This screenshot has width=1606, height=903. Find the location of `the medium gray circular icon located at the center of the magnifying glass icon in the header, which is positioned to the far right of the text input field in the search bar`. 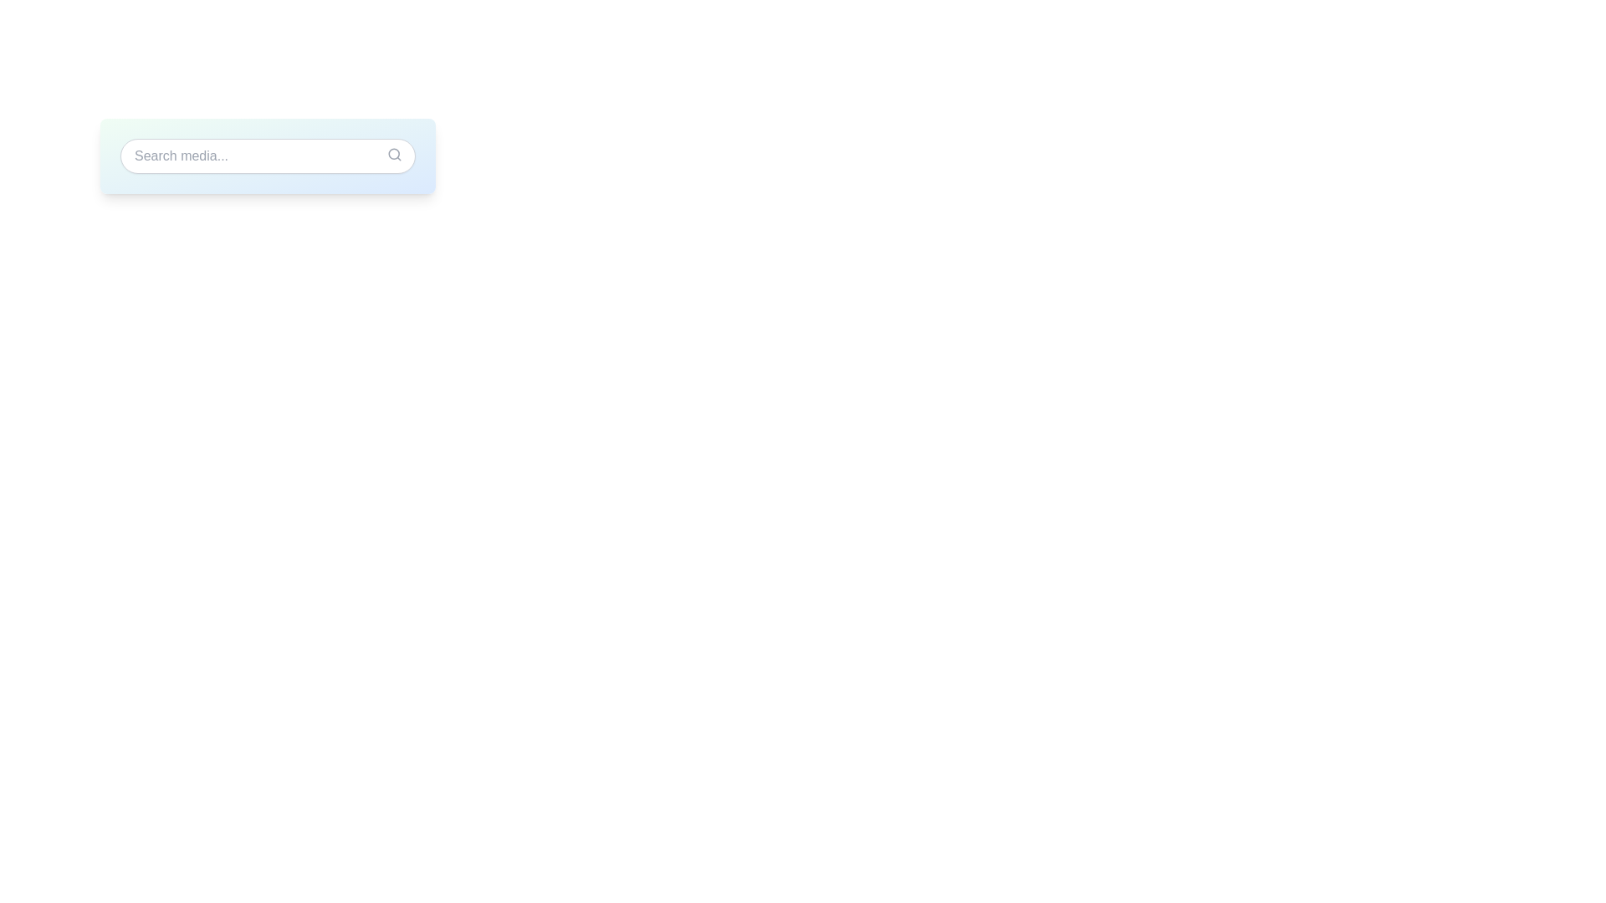

the medium gray circular icon located at the center of the magnifying glass icon in the header, which is positioned to the far right of the text input field in the search bar is located at coordinates (393, 154).